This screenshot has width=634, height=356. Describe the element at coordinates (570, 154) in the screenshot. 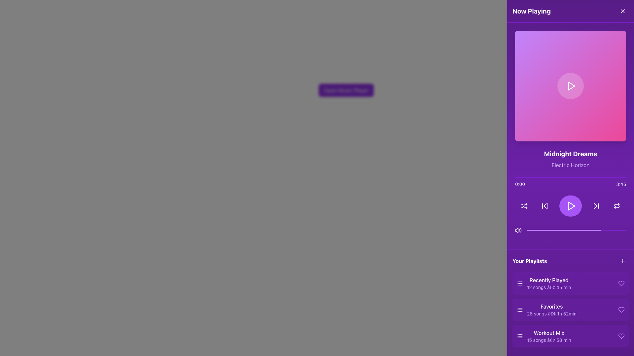

I see `text label indicating the name of the song or audio track, located in the upper middle of the purple right-side panel, directly beneath an image placeholder and above the text 'Electric Horizon'` at that location.